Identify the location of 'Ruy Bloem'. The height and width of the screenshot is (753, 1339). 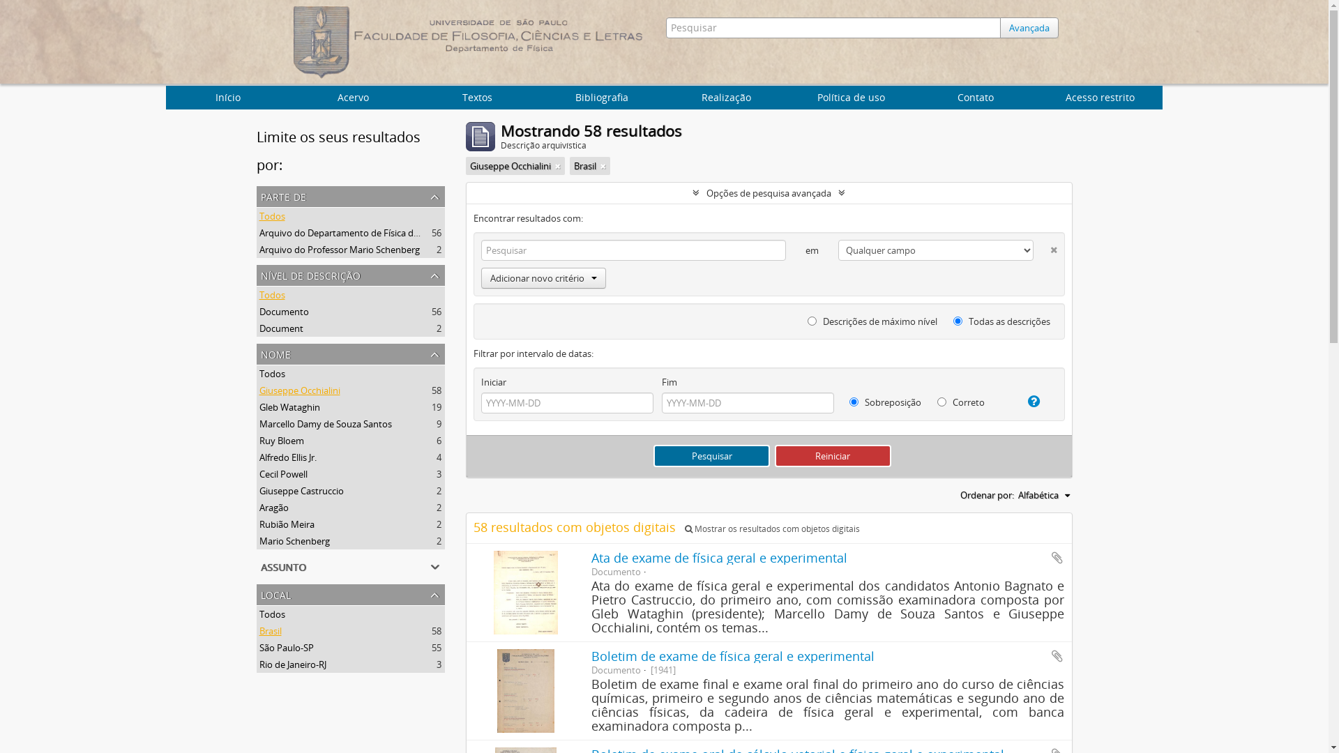
(280, 441).